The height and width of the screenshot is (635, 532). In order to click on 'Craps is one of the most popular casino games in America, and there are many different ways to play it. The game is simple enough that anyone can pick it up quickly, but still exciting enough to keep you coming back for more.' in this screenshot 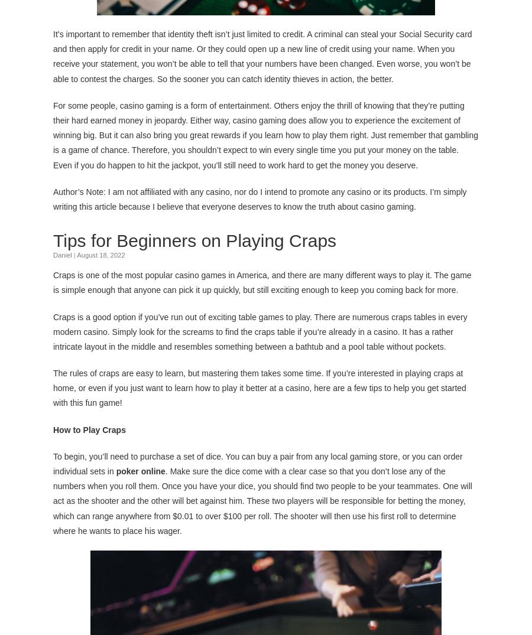, I will do `click(262, 282)`.